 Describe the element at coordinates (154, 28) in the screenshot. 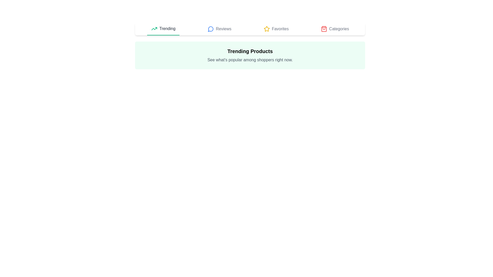

I see `the leftmost segment of the trending upward SVG graphic element in the navigation bar next to the 'Trending' label` at that location.